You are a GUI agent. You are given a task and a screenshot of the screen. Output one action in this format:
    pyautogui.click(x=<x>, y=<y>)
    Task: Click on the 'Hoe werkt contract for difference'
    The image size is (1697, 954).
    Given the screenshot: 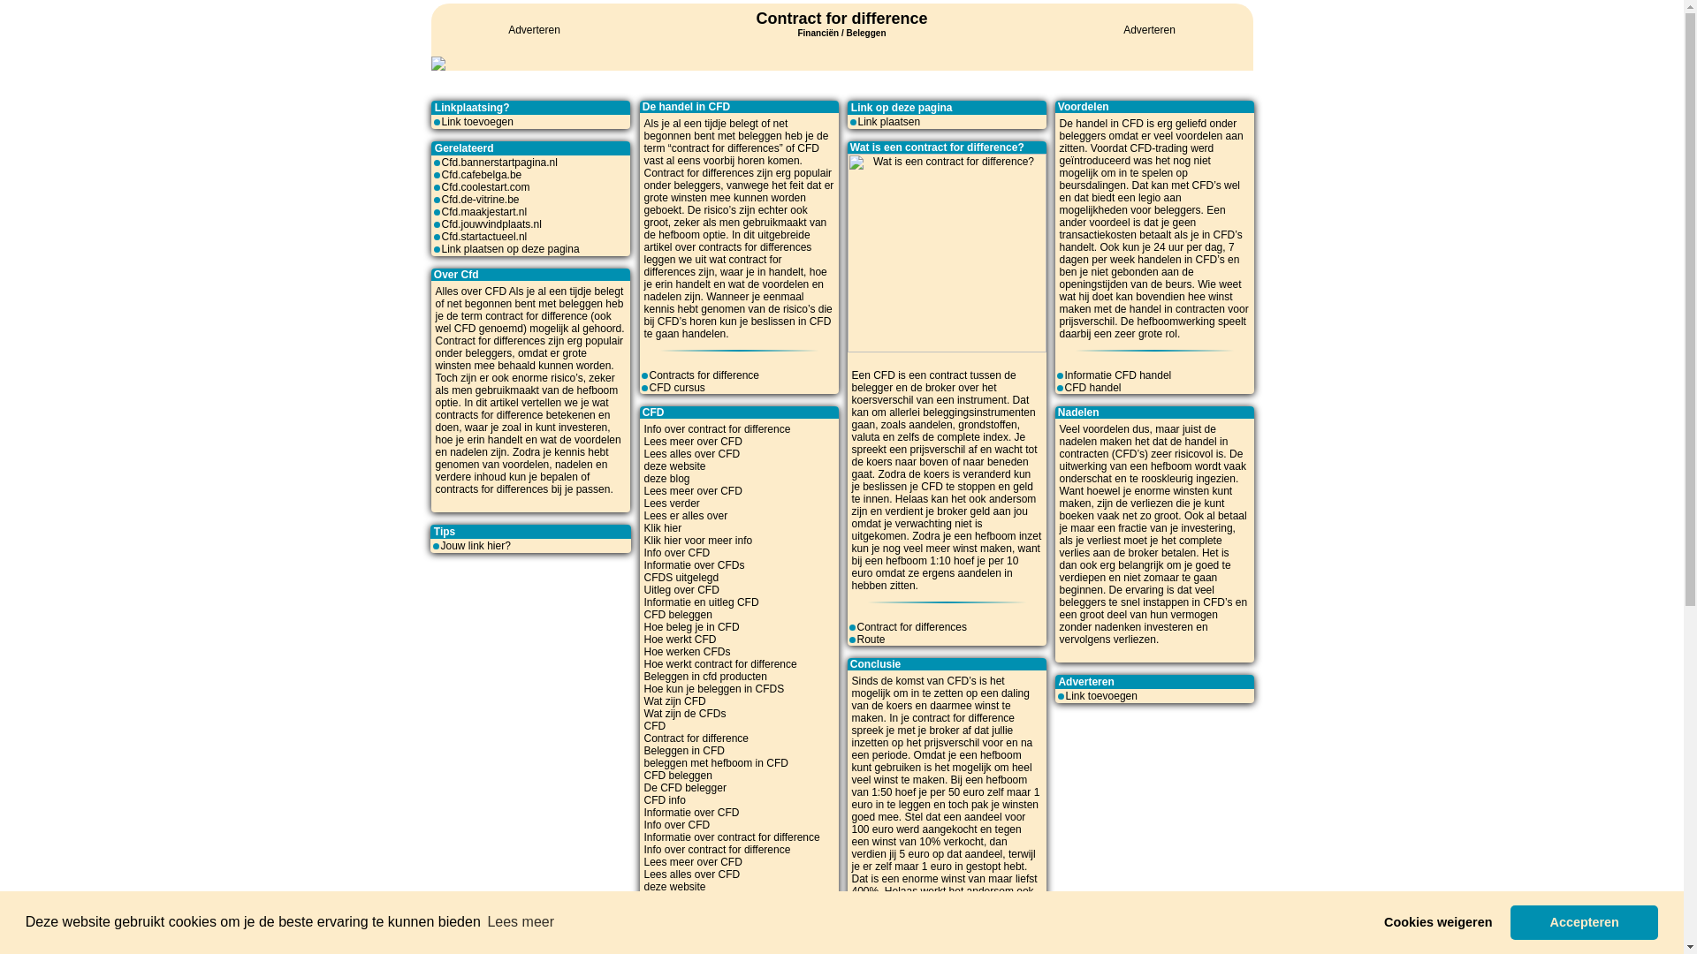 What is the action you would take?
    pyautogui.click(x=643, y=664)
    